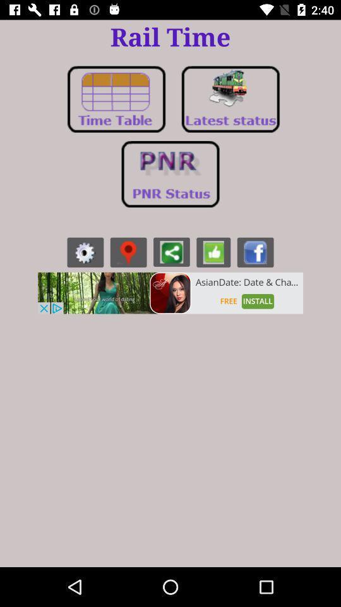 Image resolution: width=341 pixels, height=607 pixels. I want to click on advertisement to install app, so click(170, 293).